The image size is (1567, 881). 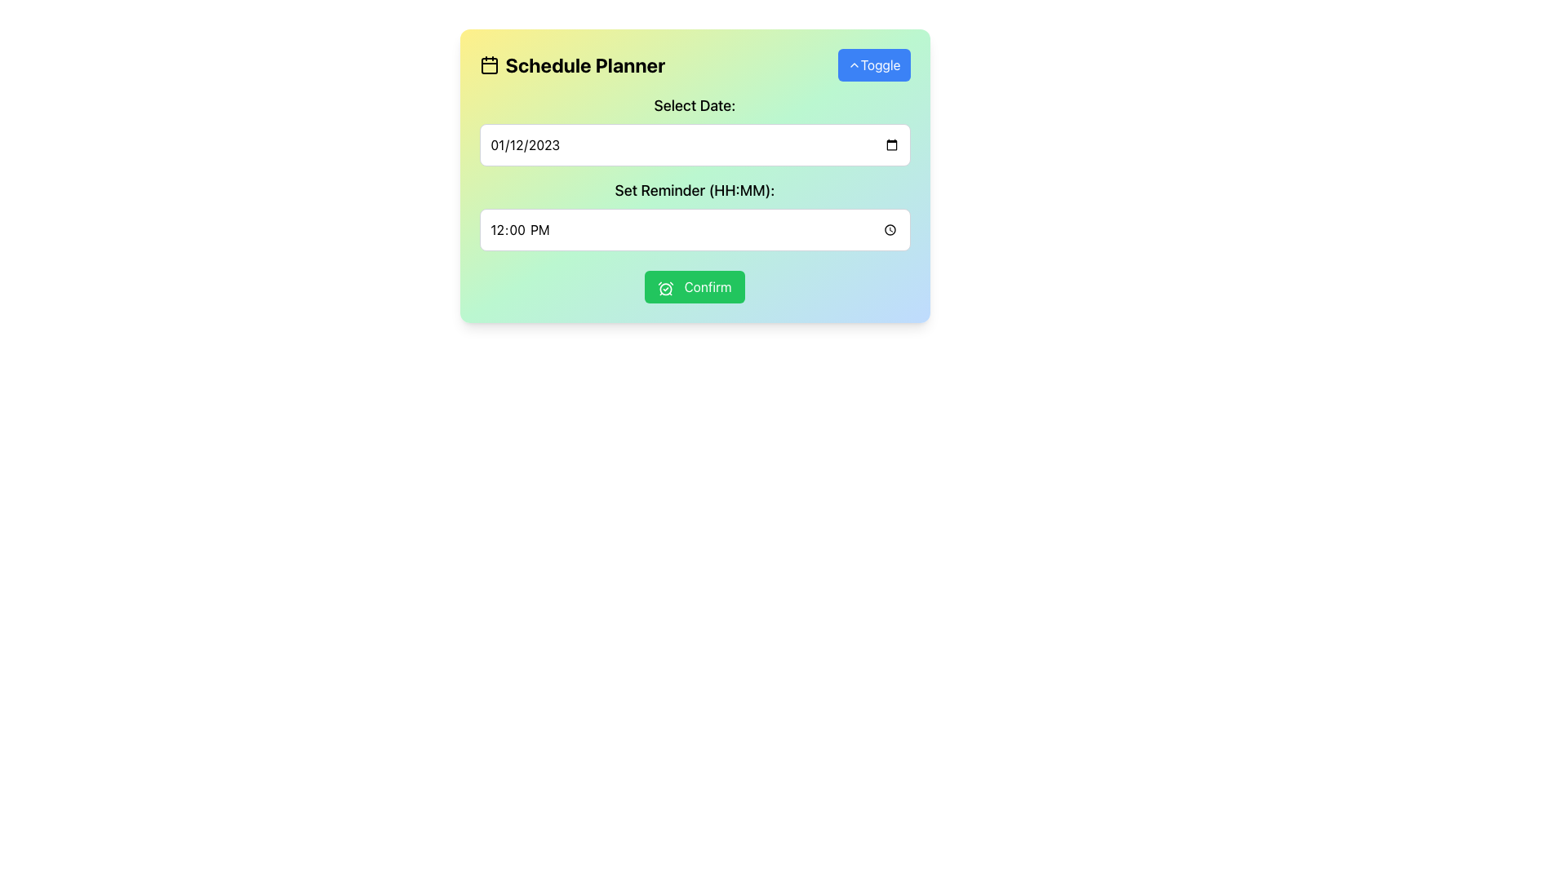 I want to click on the upward-pointing chevron icon located inside the 'Toggle' button at the top-right corner of the 'Schedule Planner' card, so click(x=853, y=64).